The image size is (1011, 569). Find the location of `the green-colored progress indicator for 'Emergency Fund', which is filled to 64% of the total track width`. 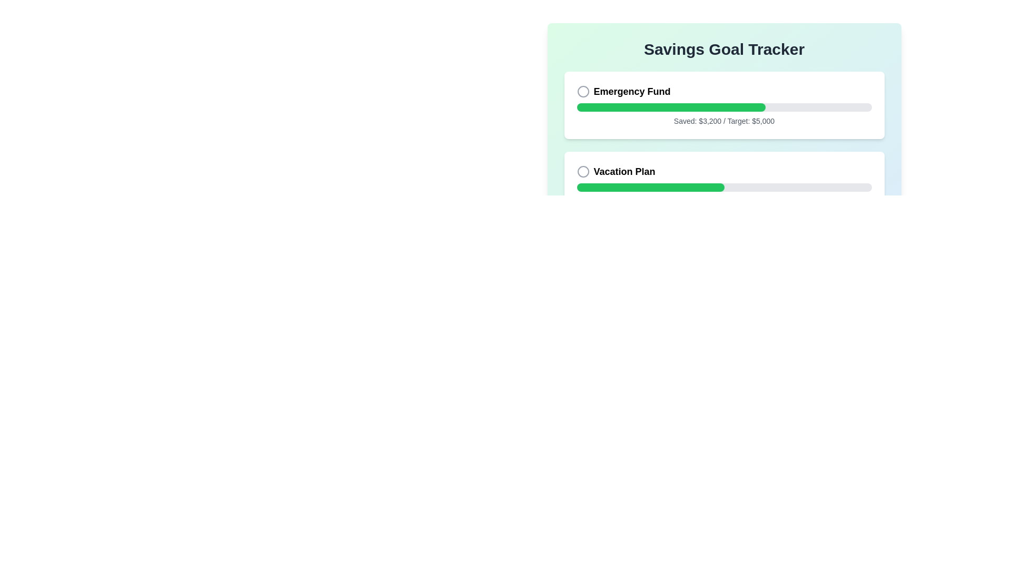

the green-colored progress indicator for 'Emergency Fund', which is filled to 64% of the total track width is located at coordinates (670, 107).